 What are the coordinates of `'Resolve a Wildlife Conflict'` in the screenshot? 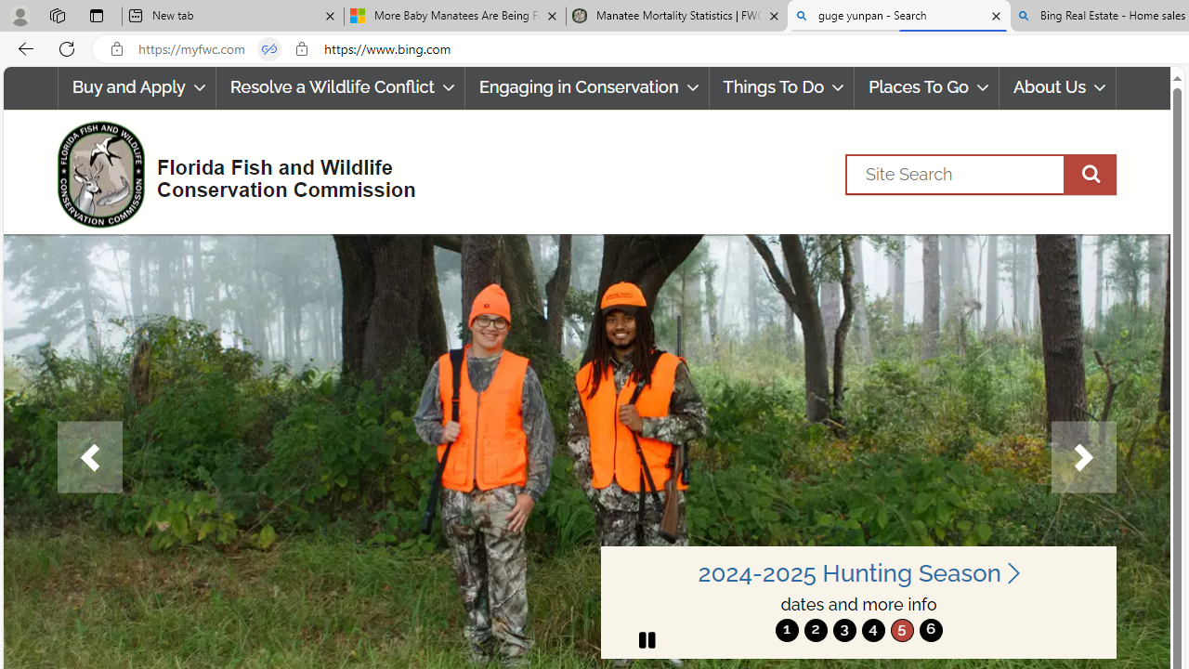 It's located at (340, 87).